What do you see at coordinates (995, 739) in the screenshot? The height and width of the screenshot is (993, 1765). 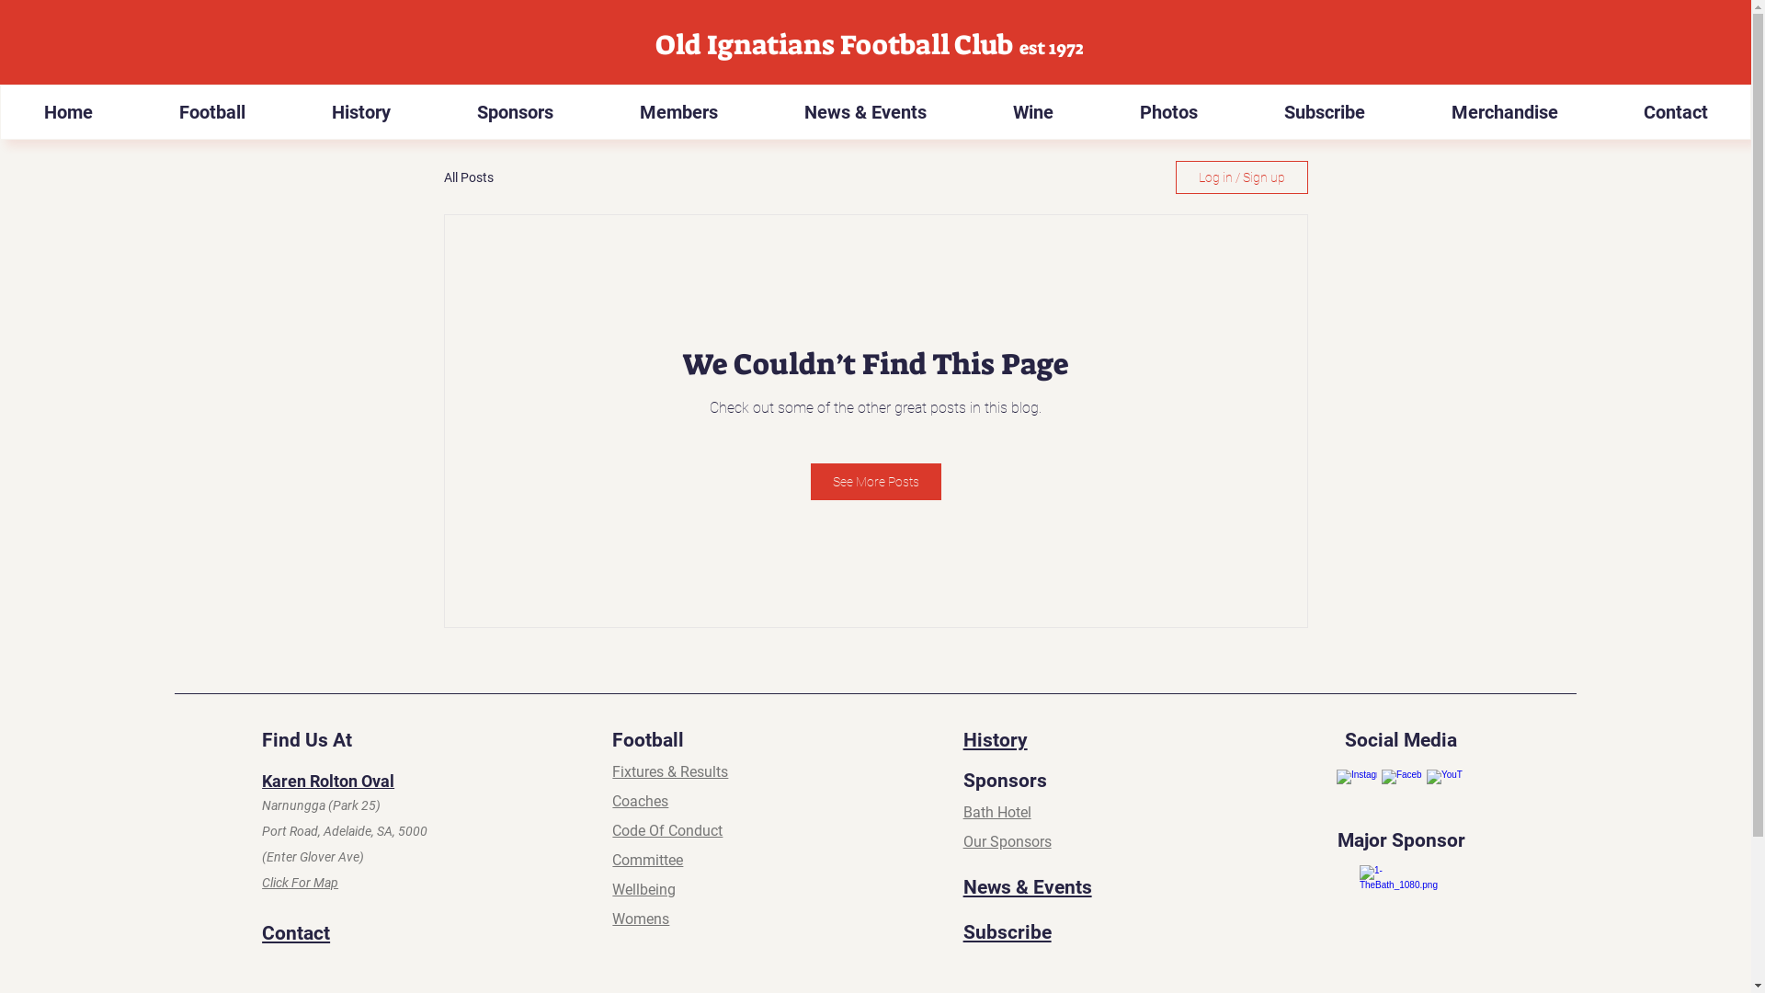 I see `'History'` at bounding box center [995, 739].